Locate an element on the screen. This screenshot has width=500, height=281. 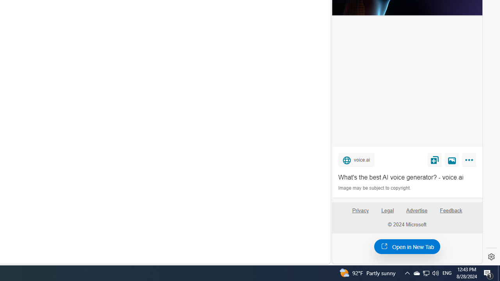
'Image may be subject to copyright.' is located at coordinates (375, 188).